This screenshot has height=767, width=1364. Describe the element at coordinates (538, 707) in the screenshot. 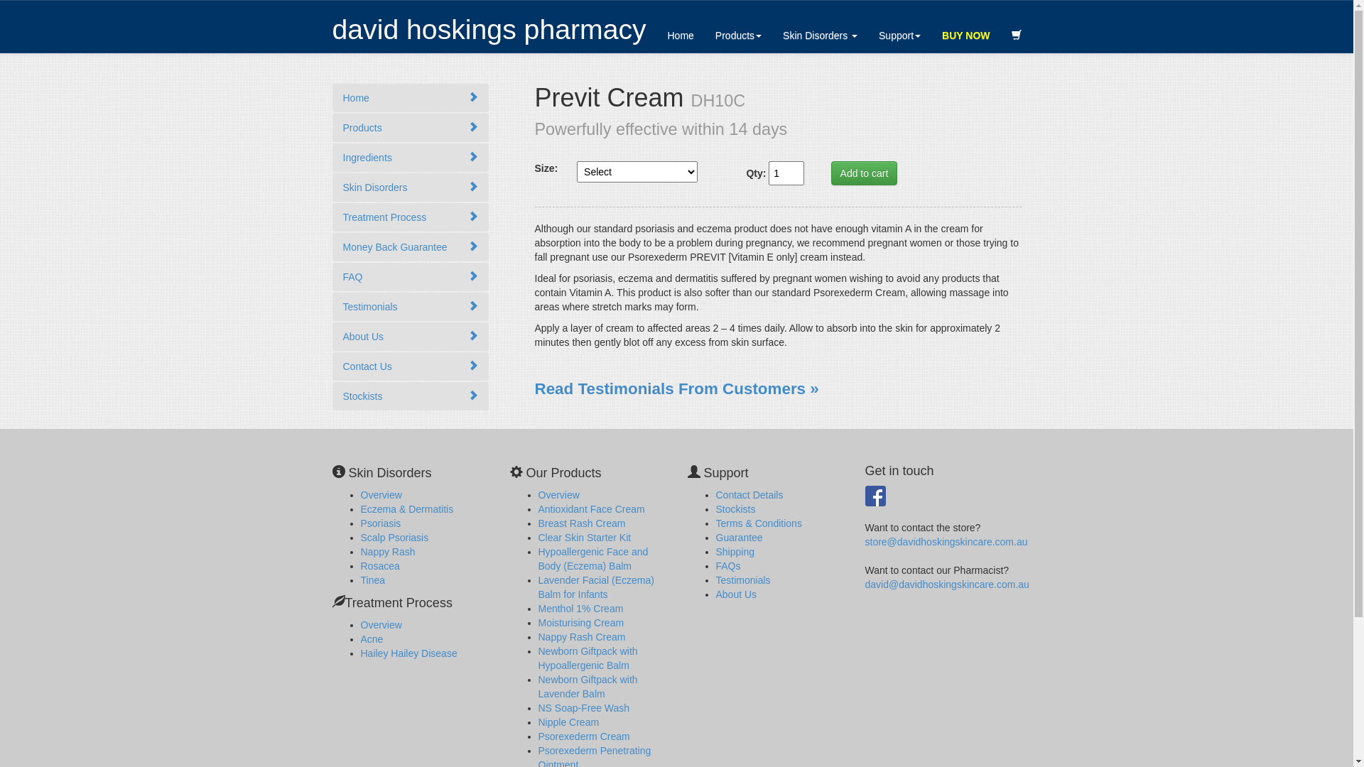

I see `'NS Soap-Free Wash'` at that location.